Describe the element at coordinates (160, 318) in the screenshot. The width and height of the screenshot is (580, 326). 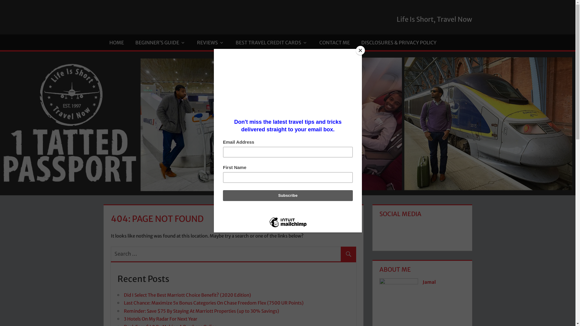
I see `'3 Hotels On My Radar For Next Year'` at that location.